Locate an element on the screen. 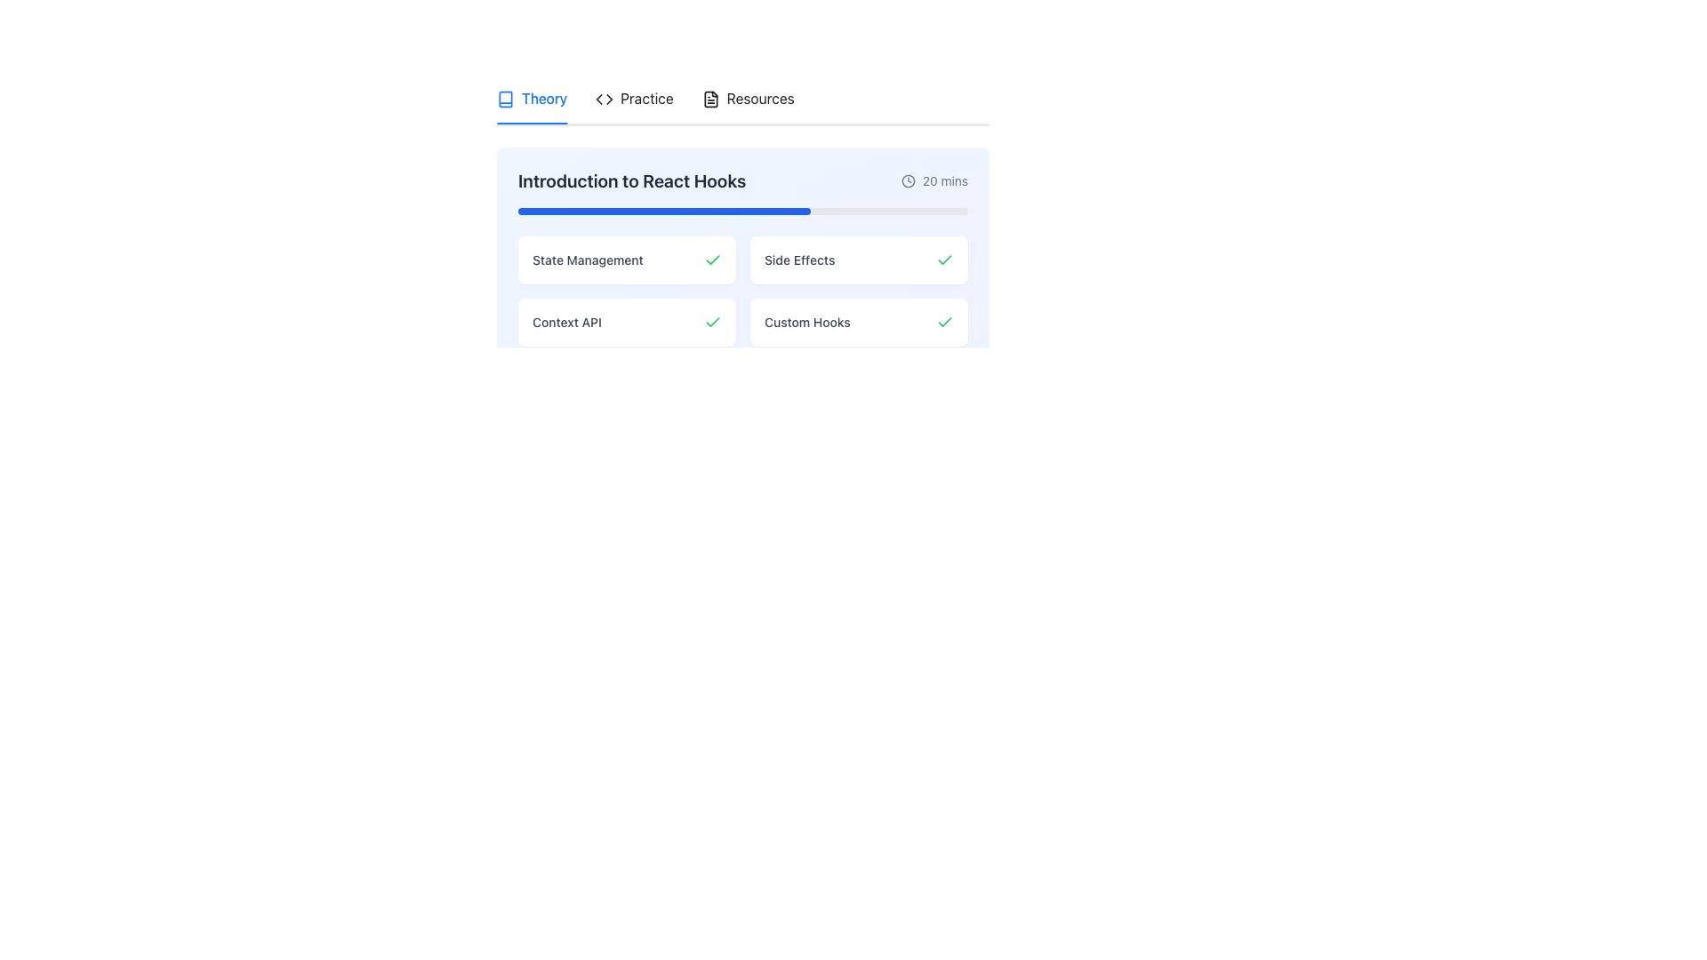 This screenshot has width=1707, height=960. the progress bar in the Header section titled 'Introduction to React Hooks' to interact with it is located at coordinates (742, 192).